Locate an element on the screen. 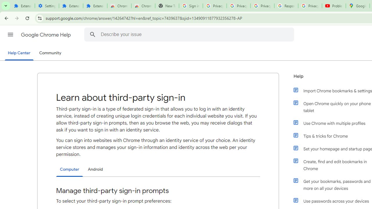 The width and height of the screenshot is (372, 209). 'Extensions' is located at coordinates (95, 6).